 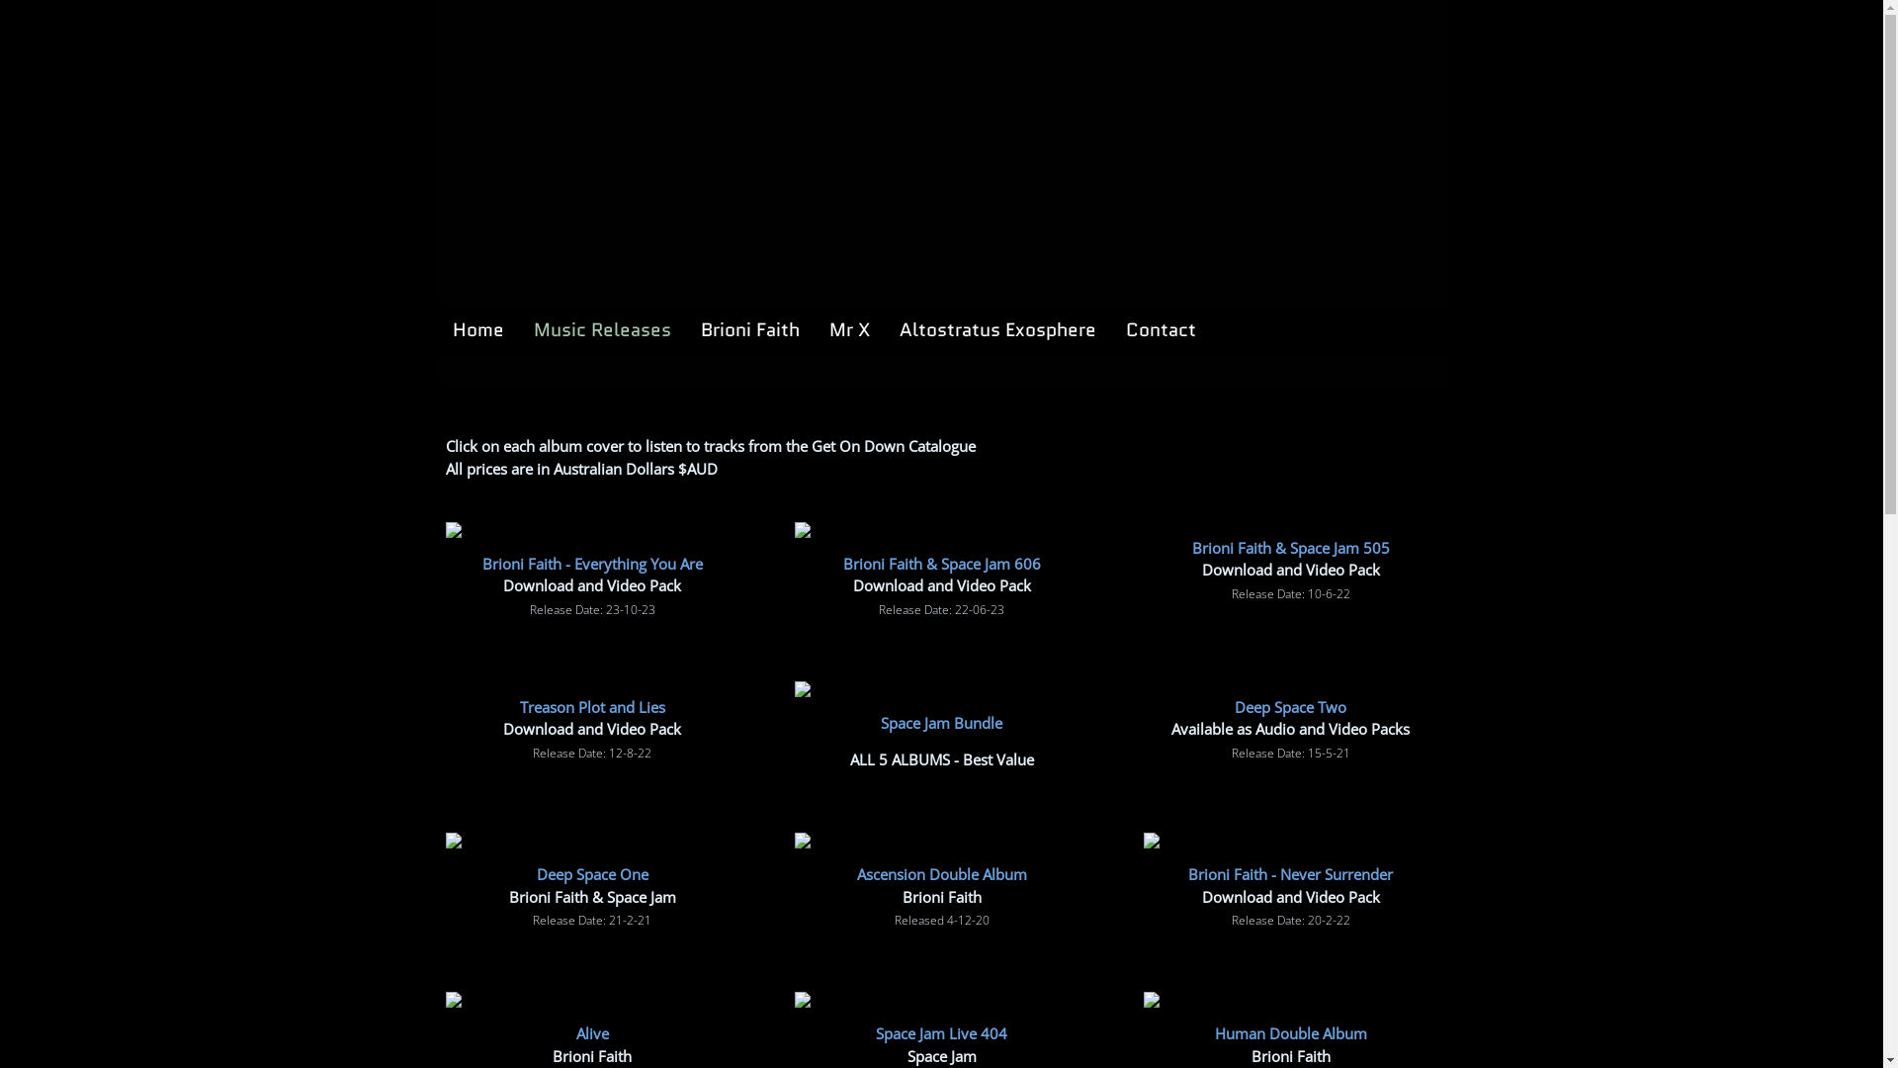 I want to click on 'Music Releases', so click(x=601, y=329).